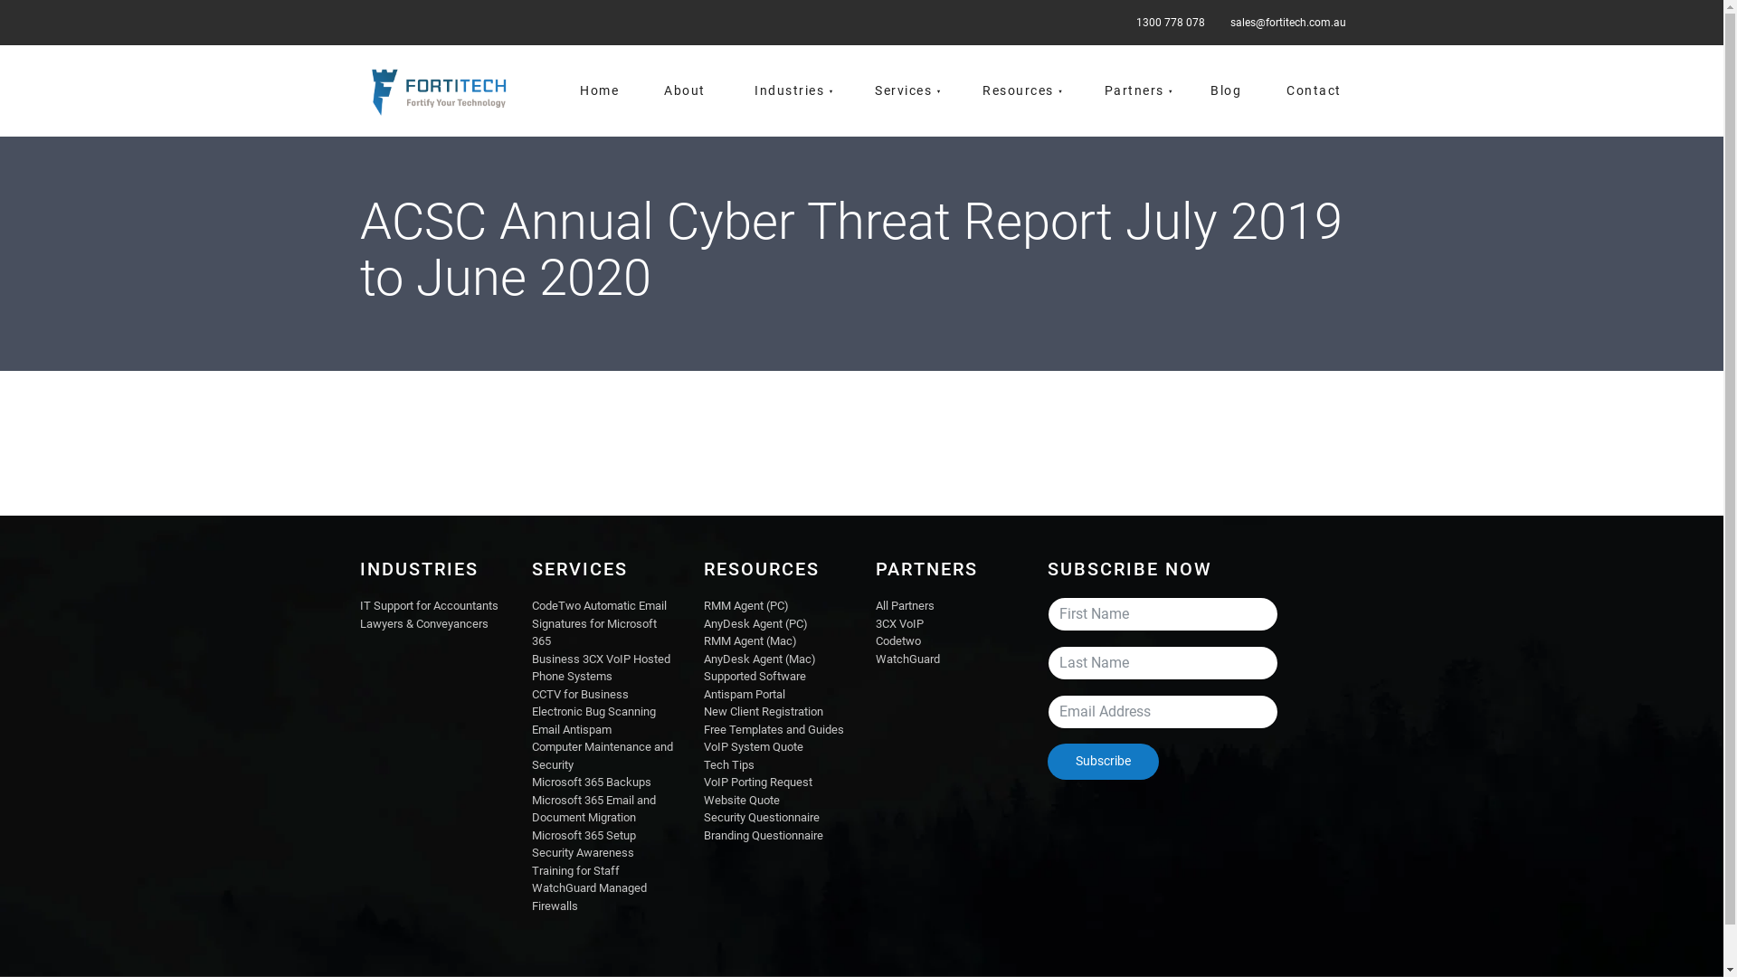 The height and width of the screenshot is (977, 1737). Describe the element at coordinates (755, 622) in the screenshot. I see `'AnyDesk Agent (PC)'` at that location.